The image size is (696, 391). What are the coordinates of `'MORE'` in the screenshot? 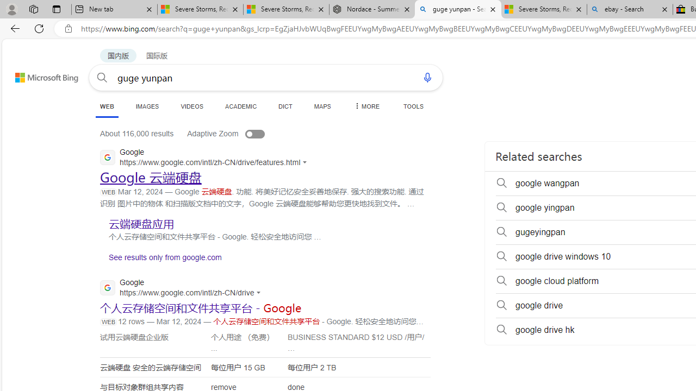 It's located at (366, 106).